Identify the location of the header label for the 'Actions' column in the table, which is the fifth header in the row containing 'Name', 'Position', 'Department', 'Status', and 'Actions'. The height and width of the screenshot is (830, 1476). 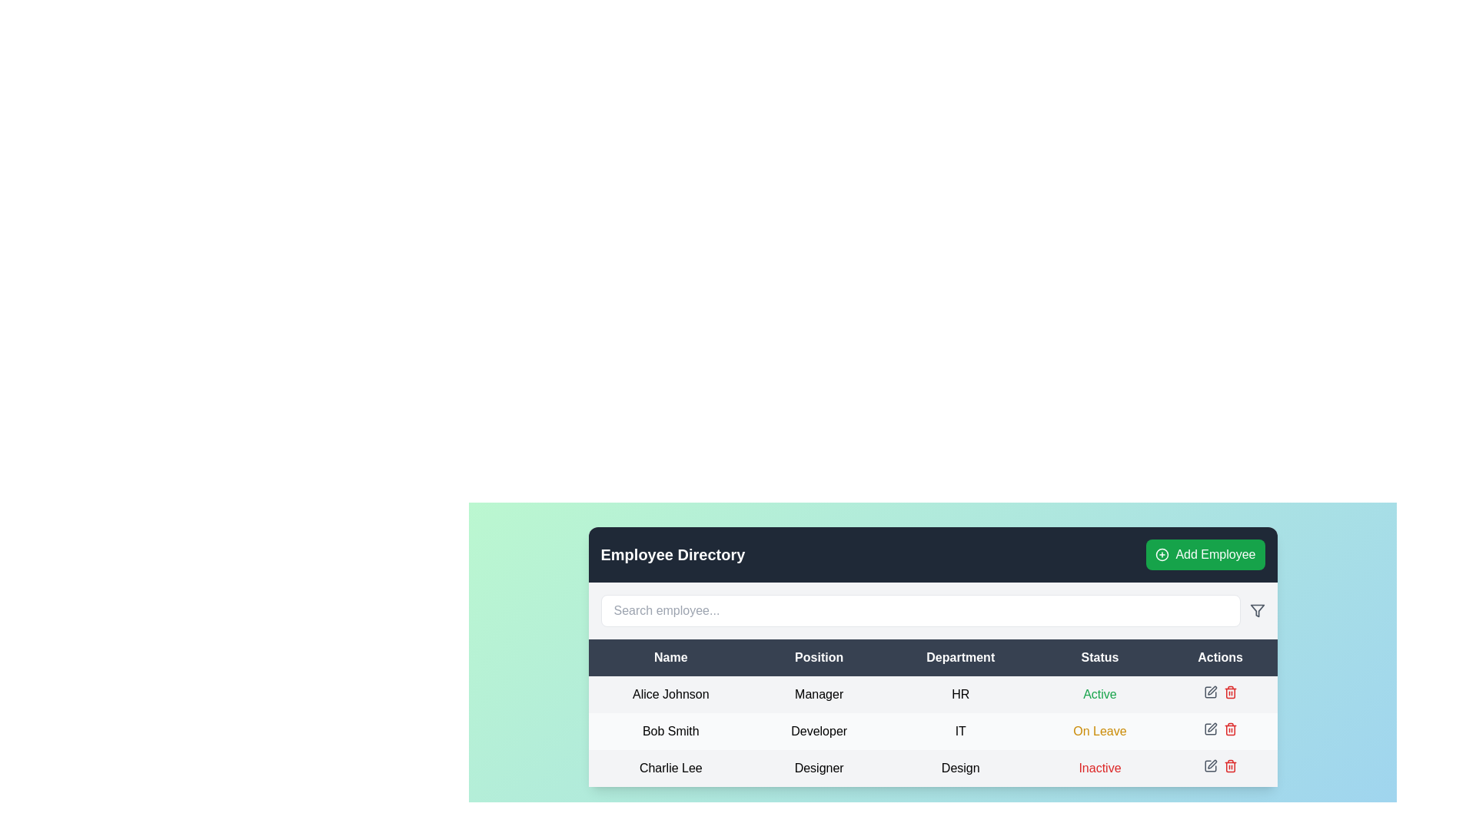
(1219, 657).